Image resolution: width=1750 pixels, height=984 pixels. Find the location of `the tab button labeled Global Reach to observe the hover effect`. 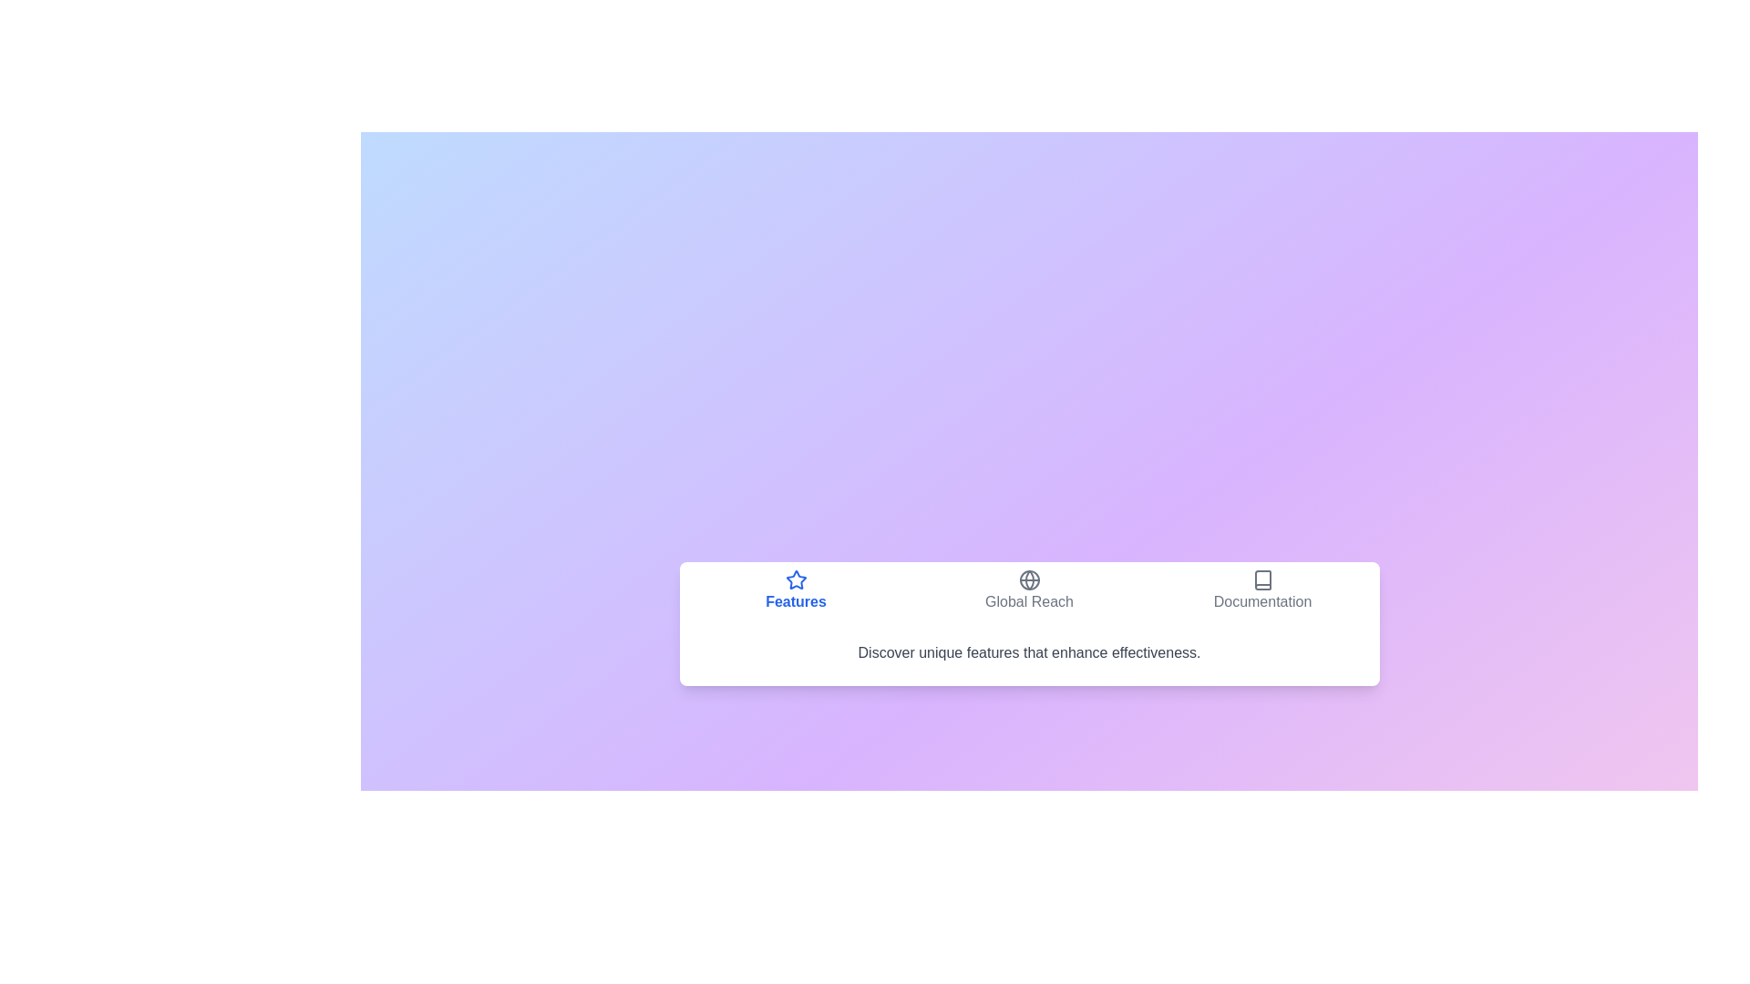

the tab button labeled Global Reach to observe the hover effect is located at coordinates (1029, 590).